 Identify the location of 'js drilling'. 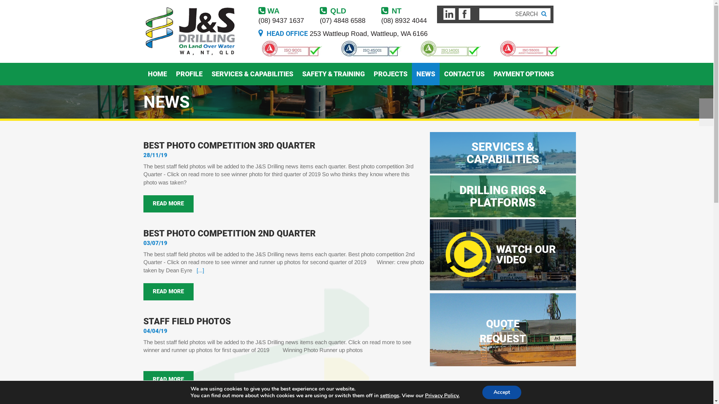
(192, 31).